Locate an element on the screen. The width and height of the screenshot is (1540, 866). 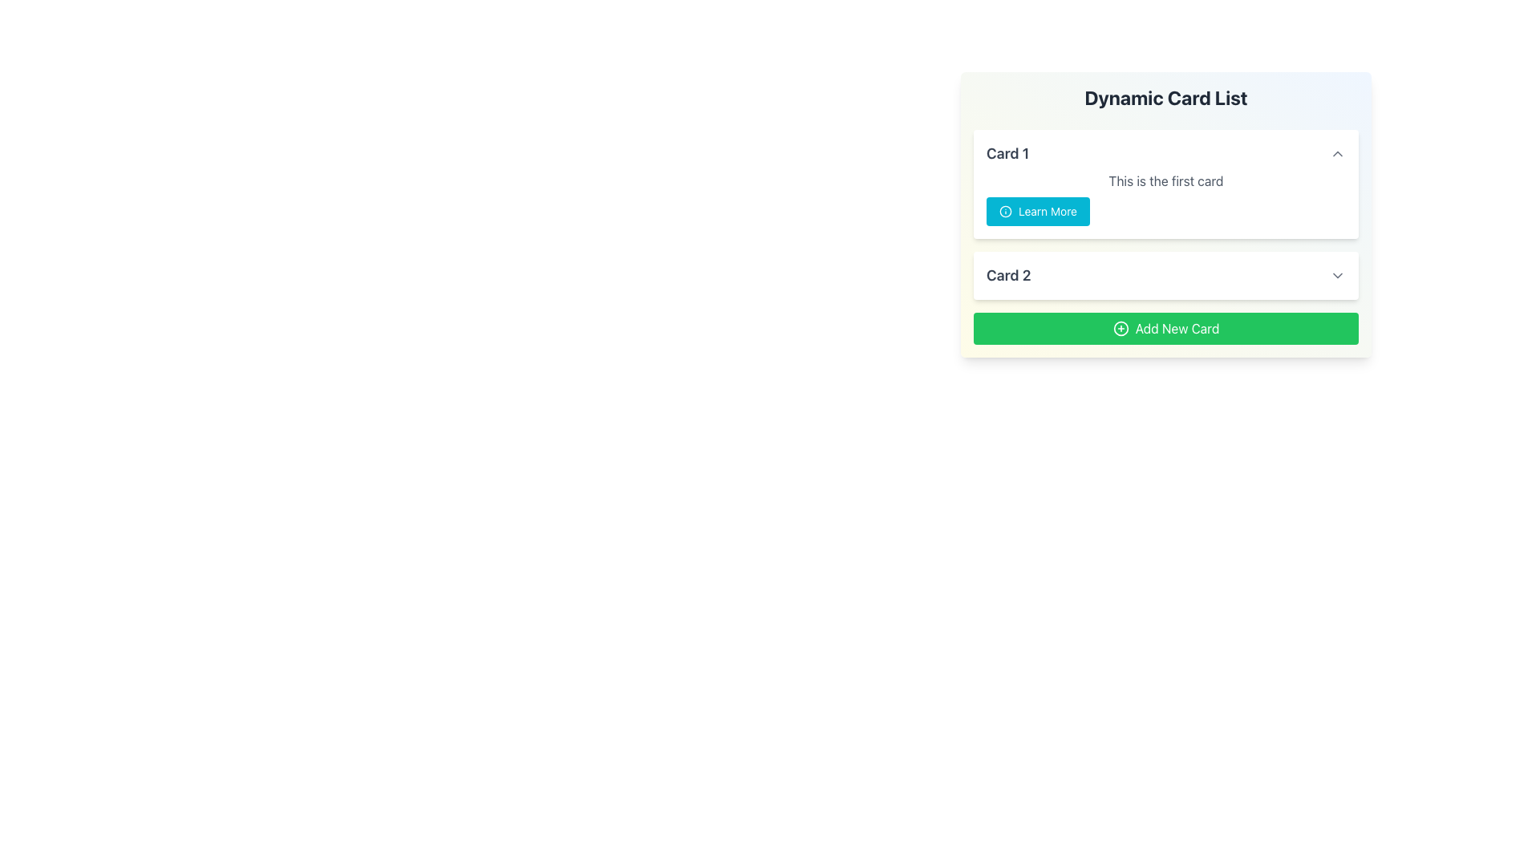
the Static Text element that reads 'This is the first card', which is centrally positioned in the first card of a list of dynamic cards is located at coordinates (1166, 180).